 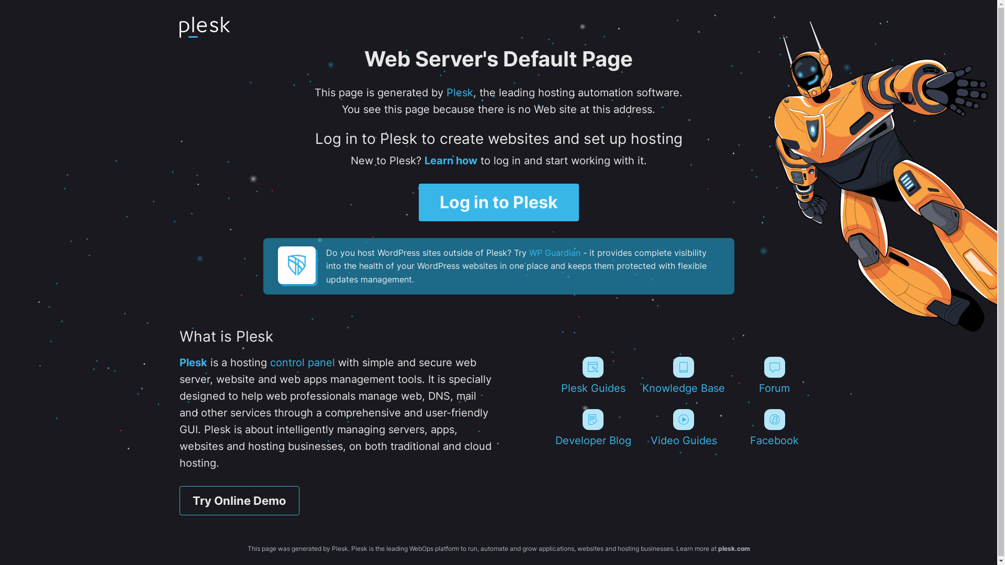 I want to click on 'control panel', so click(x=301, y=362).